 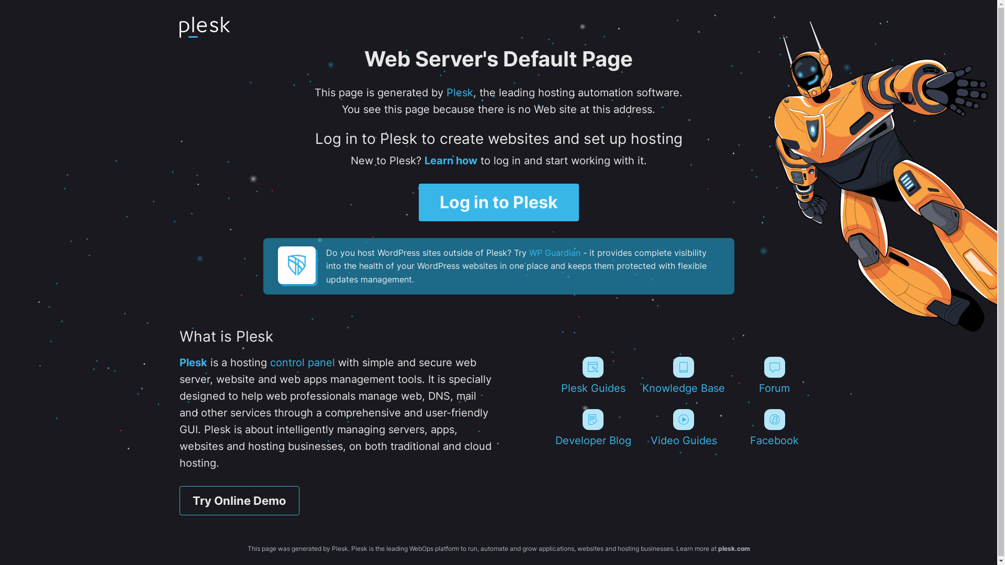 I want to click on 'control panel', so click(x=301, y=362).